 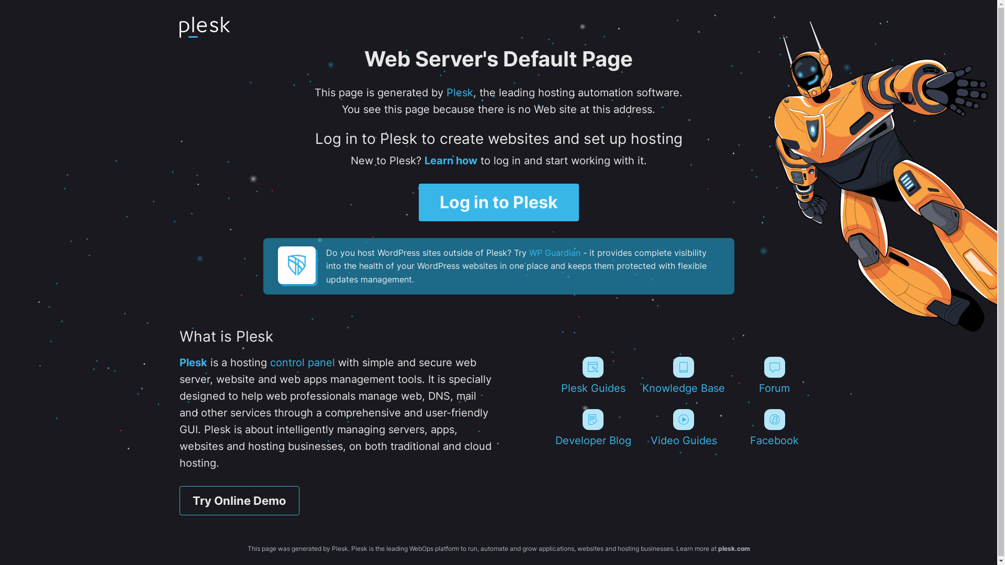 I want to click on 'control panel', so click(x=301, y=362).